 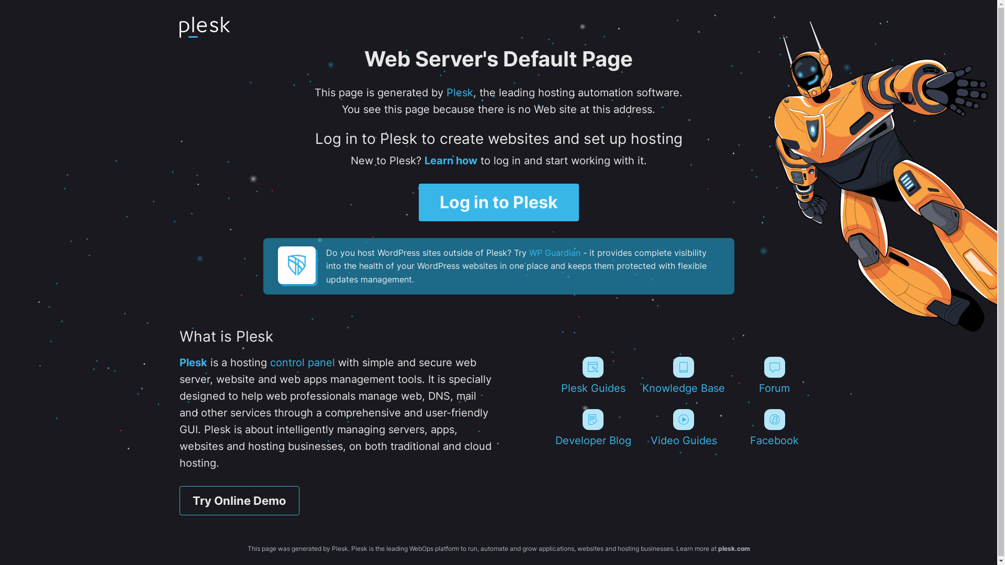 I want to click on 'control panel', so click(x=301, y=362).